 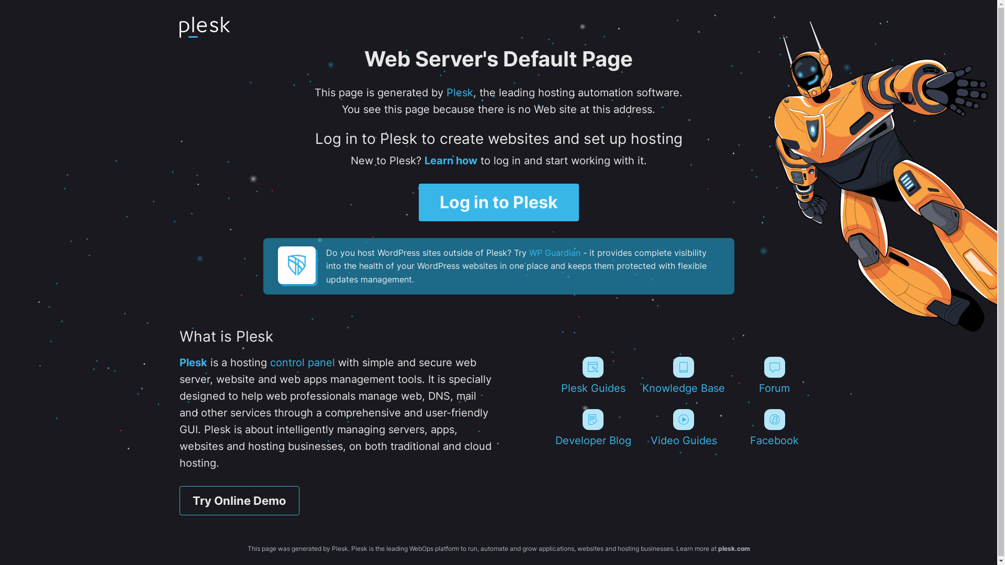 I want to click on 'control panel', so click(x=301, y=362).